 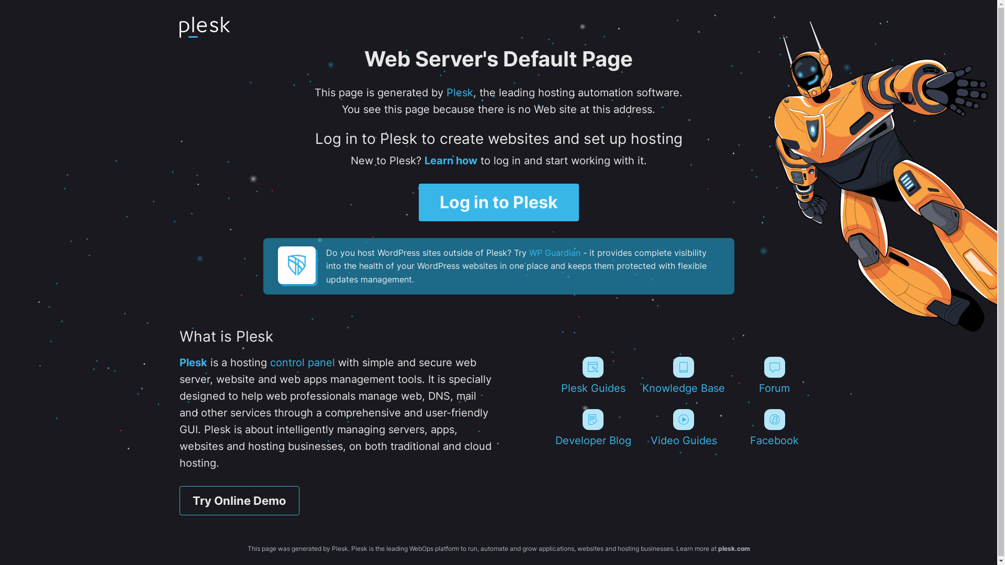 I want to click on 'control panel', so click(x=301, y=362).